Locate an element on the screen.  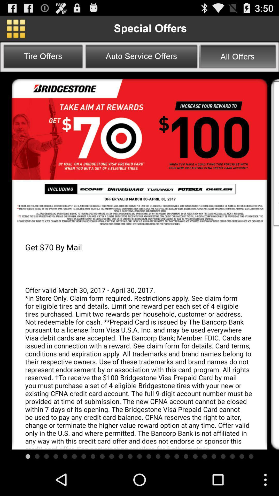
open settings is located at coordinates (16, 28).